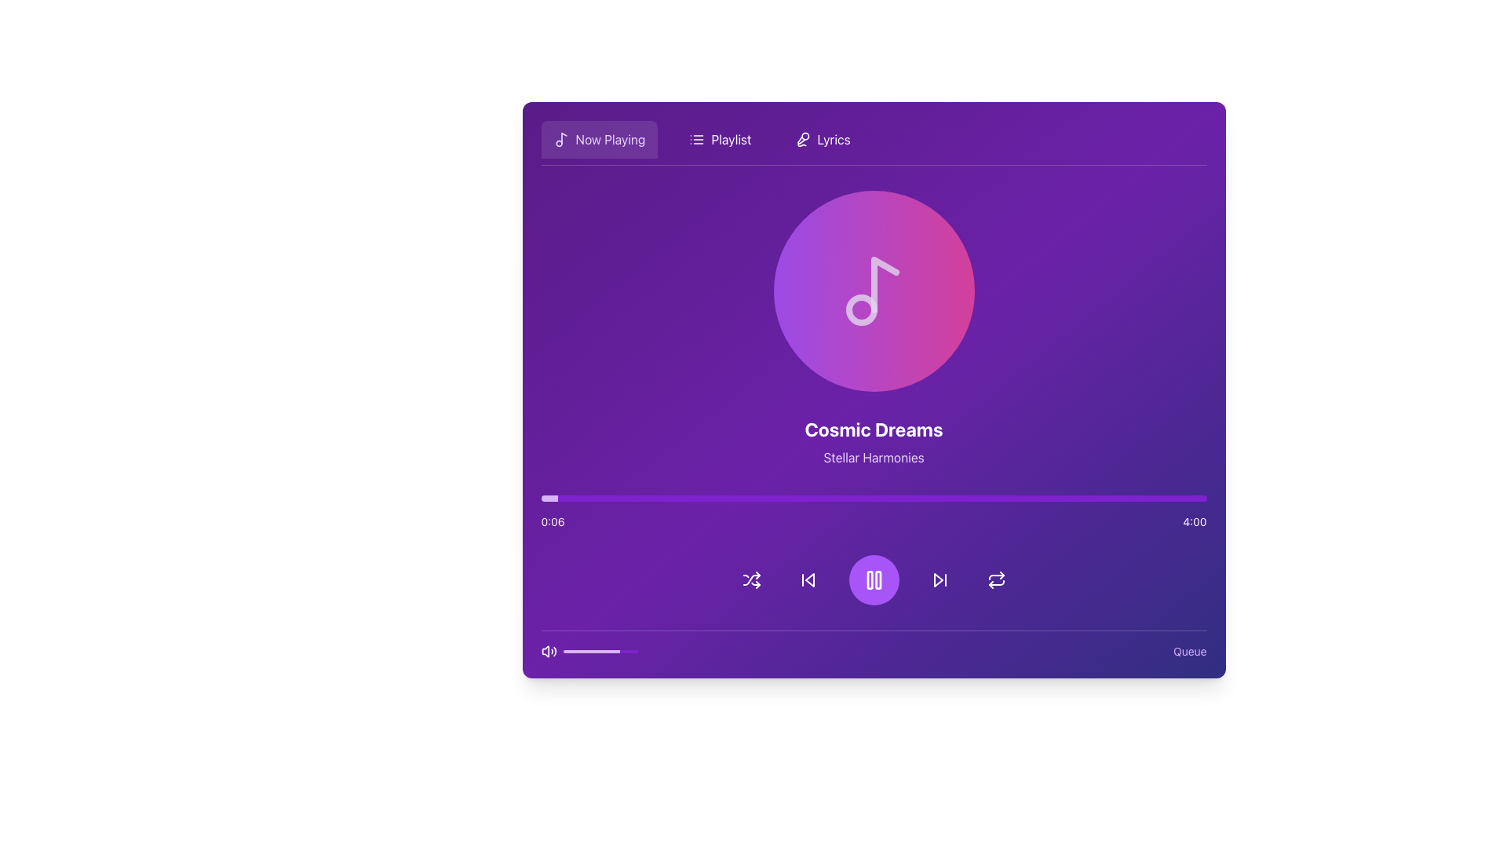 Image resolution: width=1507 pixels, height=848 pixels. What do you see at coordinates (873, 580) in the screenshot?
I see `the pause button icon located in the center bottom of the media interface to temporarily stop the playback` at bounding box center [873, 580].